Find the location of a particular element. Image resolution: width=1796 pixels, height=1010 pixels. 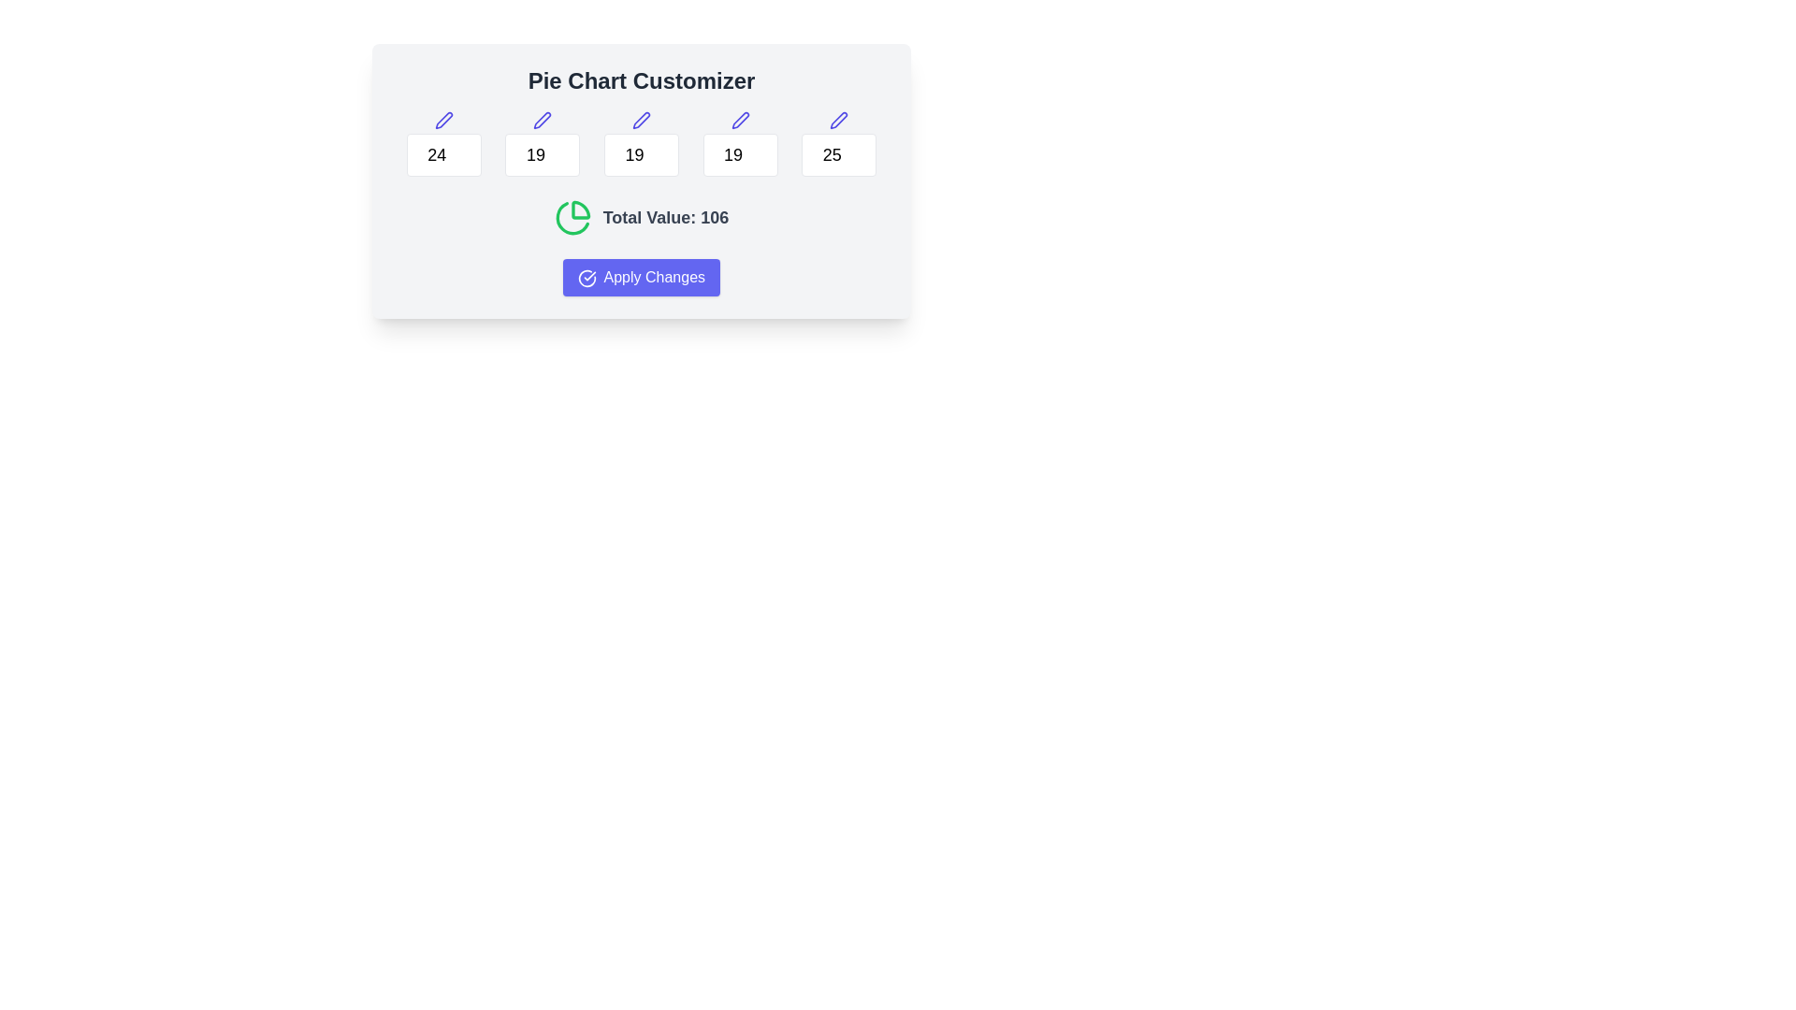

the Text and Icon Display element that shows the cumulative total of values entered in the input fields above is located at coordinates (642, 216).